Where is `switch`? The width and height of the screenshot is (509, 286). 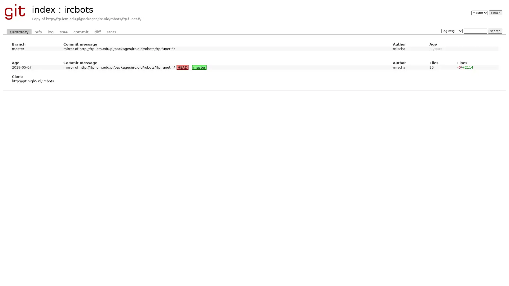
switch is located at coordinates (495, 12).